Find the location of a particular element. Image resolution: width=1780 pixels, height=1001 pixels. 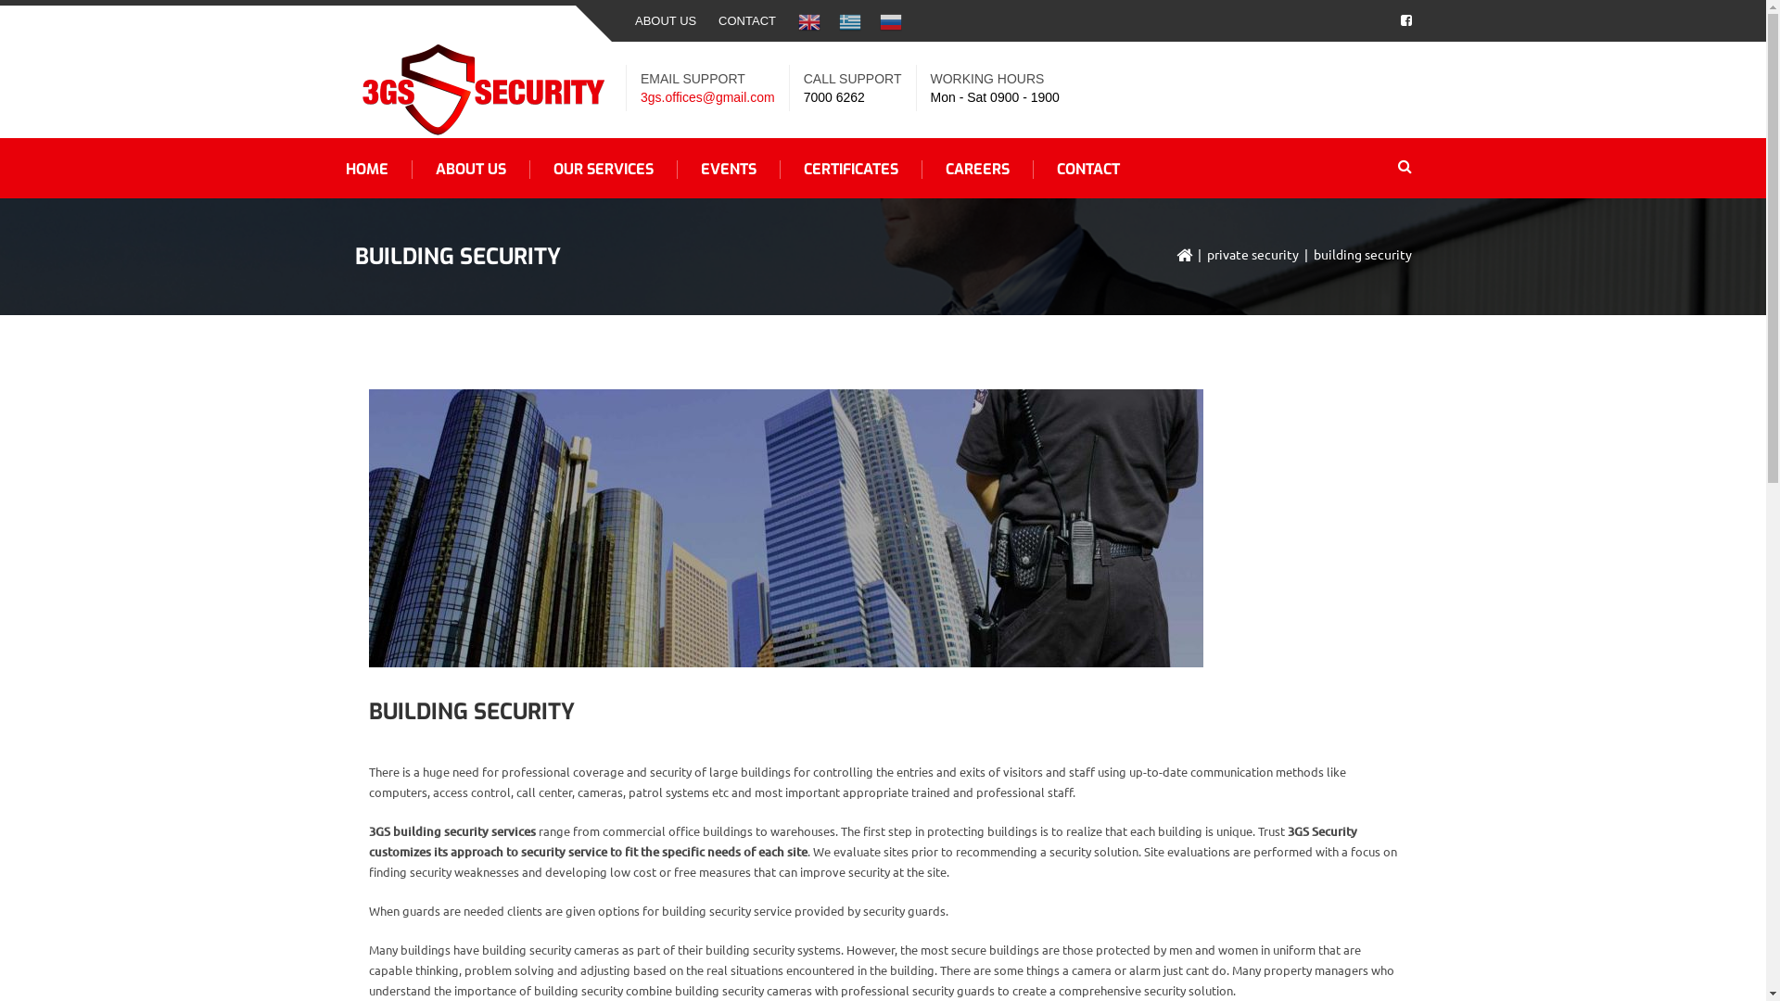

'CONTACT' is located at coordinates (1031, 169).